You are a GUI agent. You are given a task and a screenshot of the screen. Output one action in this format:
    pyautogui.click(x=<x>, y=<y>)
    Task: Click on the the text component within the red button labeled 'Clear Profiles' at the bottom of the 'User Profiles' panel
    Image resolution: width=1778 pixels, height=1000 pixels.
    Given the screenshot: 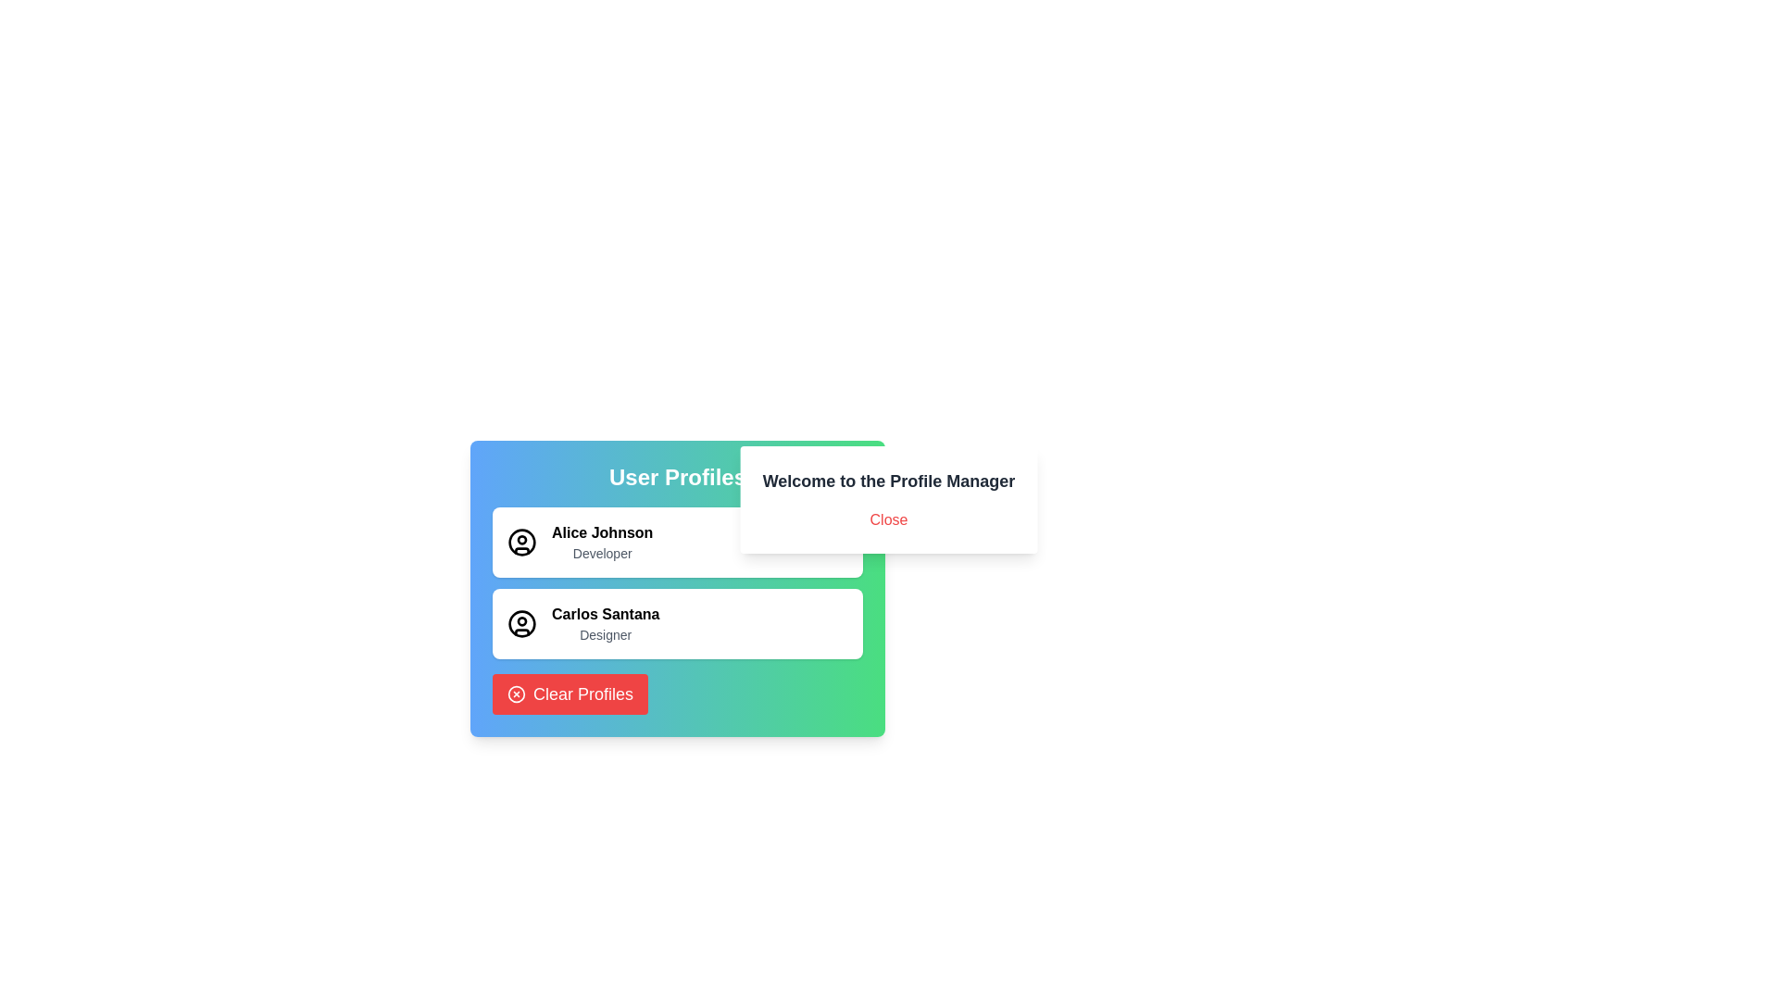 What is the action you would take?
    pyautogui.click(x=582, y=694)
    